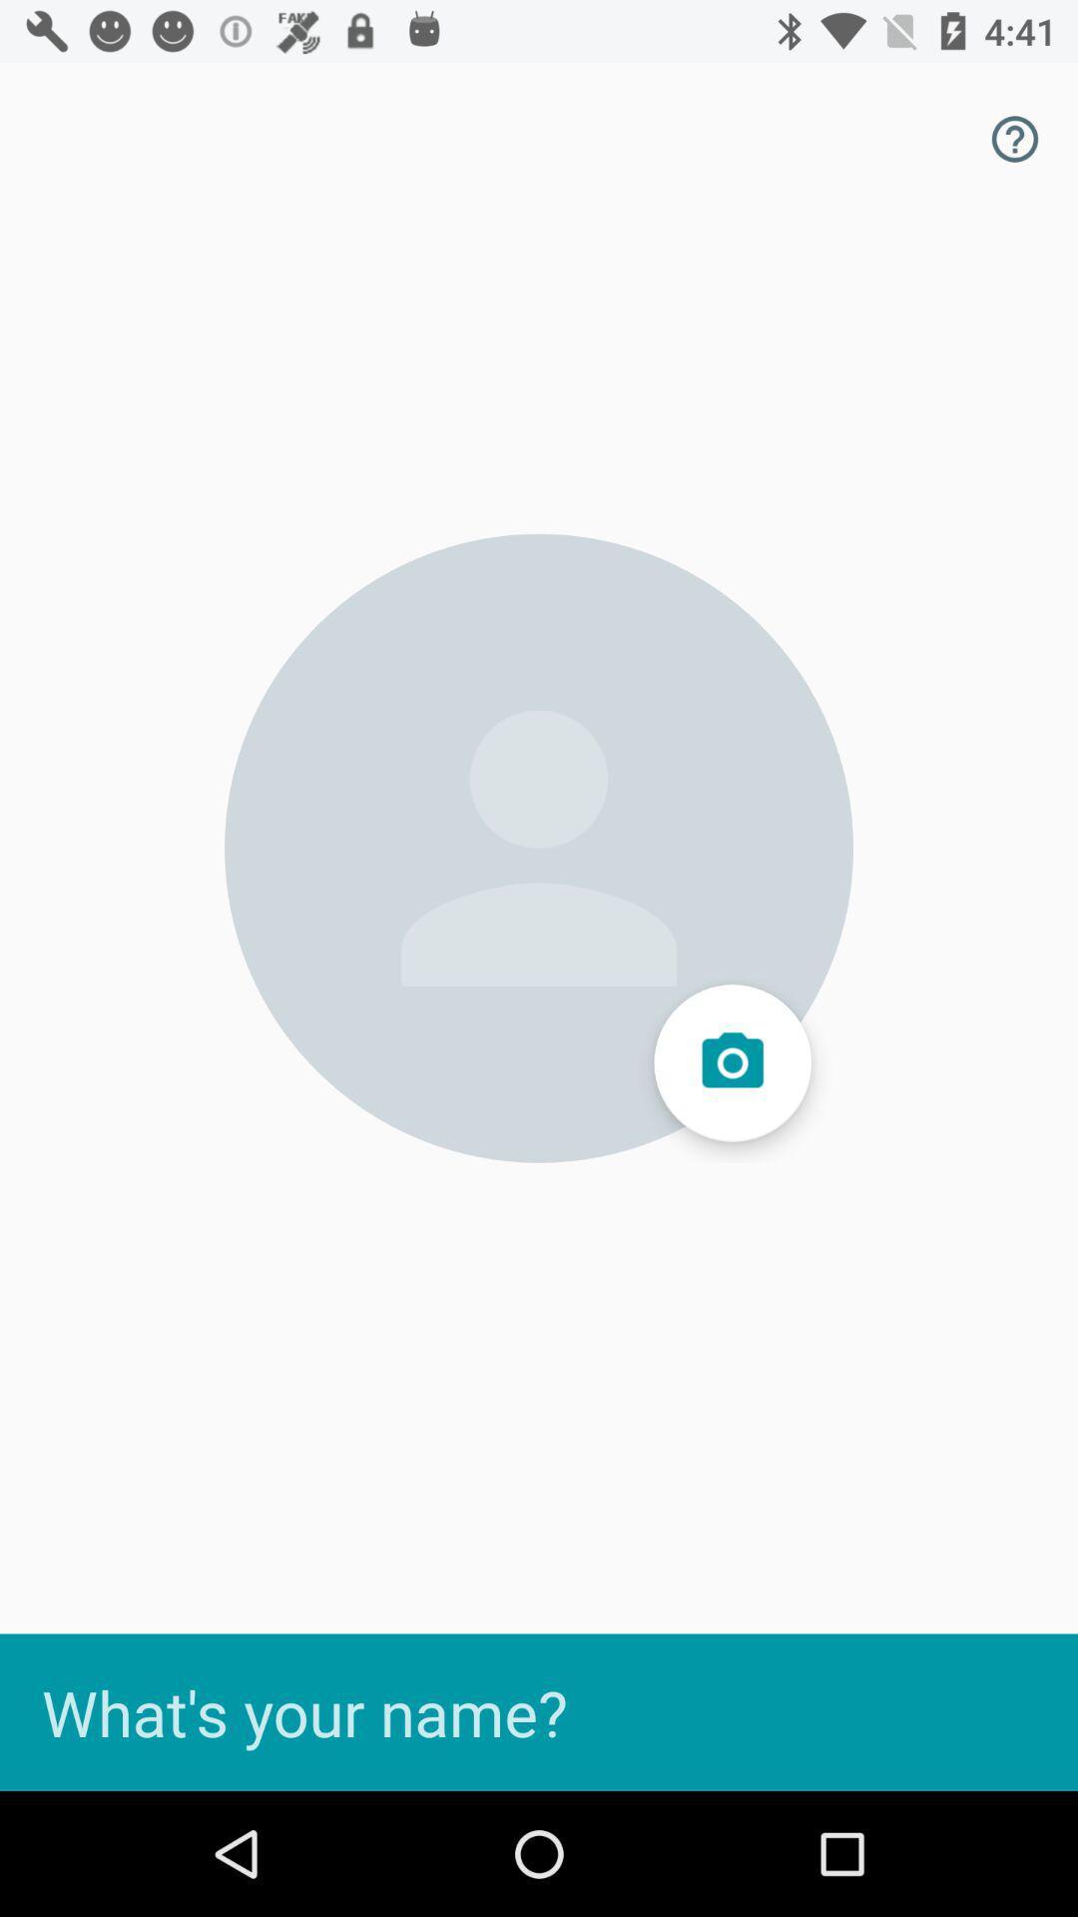 The height and width of the screenshot is (1917, 1078). Describe the element at coordinates (1015, 138) in the screenshot. I see `the help icon` at that location.